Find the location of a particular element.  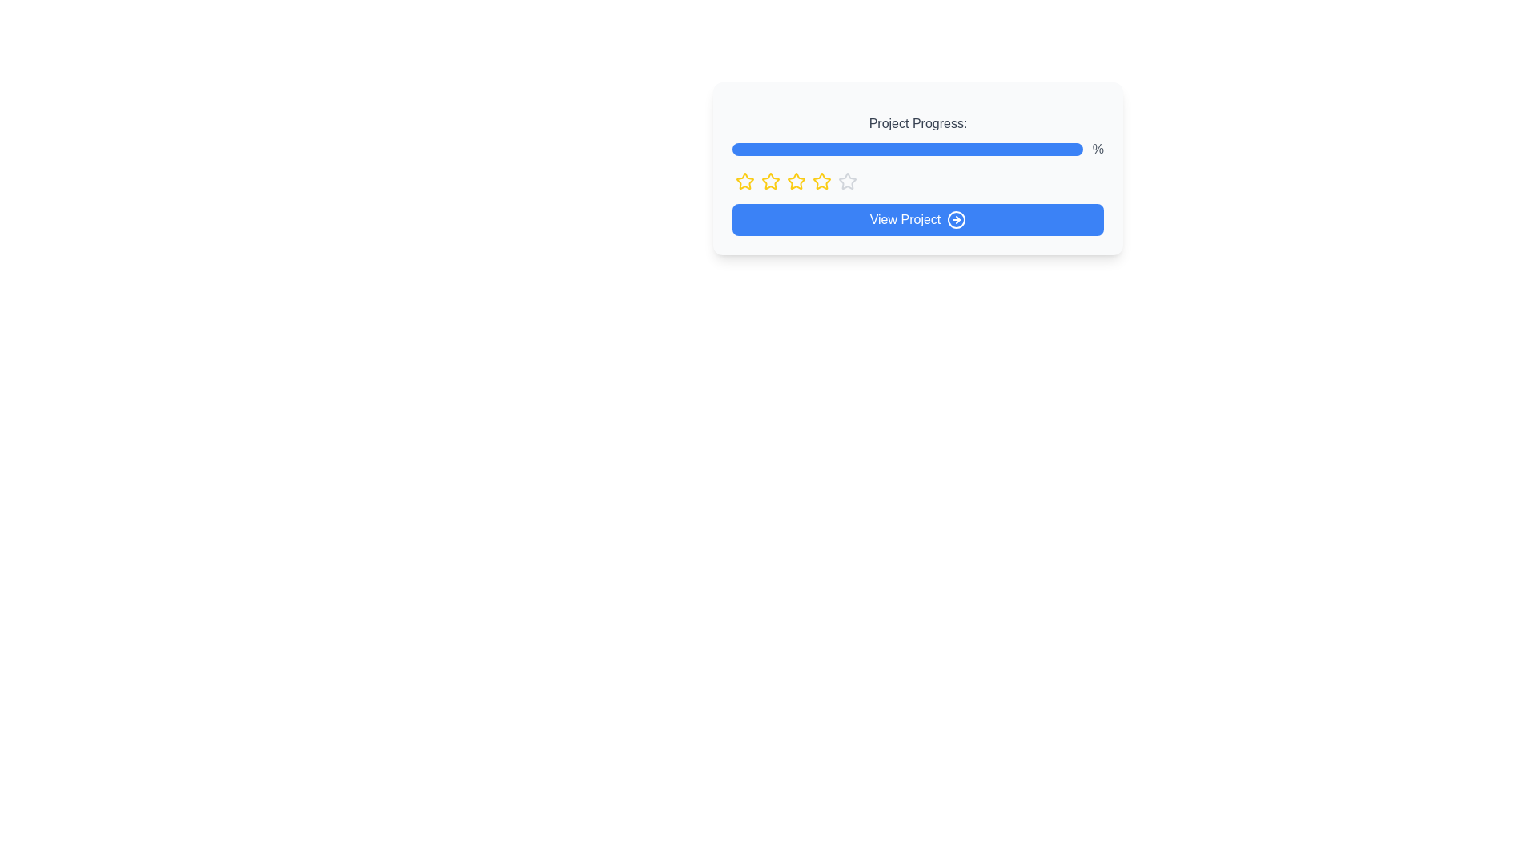

the third star in the horizontal rating system is located at coordinates (771, 181).